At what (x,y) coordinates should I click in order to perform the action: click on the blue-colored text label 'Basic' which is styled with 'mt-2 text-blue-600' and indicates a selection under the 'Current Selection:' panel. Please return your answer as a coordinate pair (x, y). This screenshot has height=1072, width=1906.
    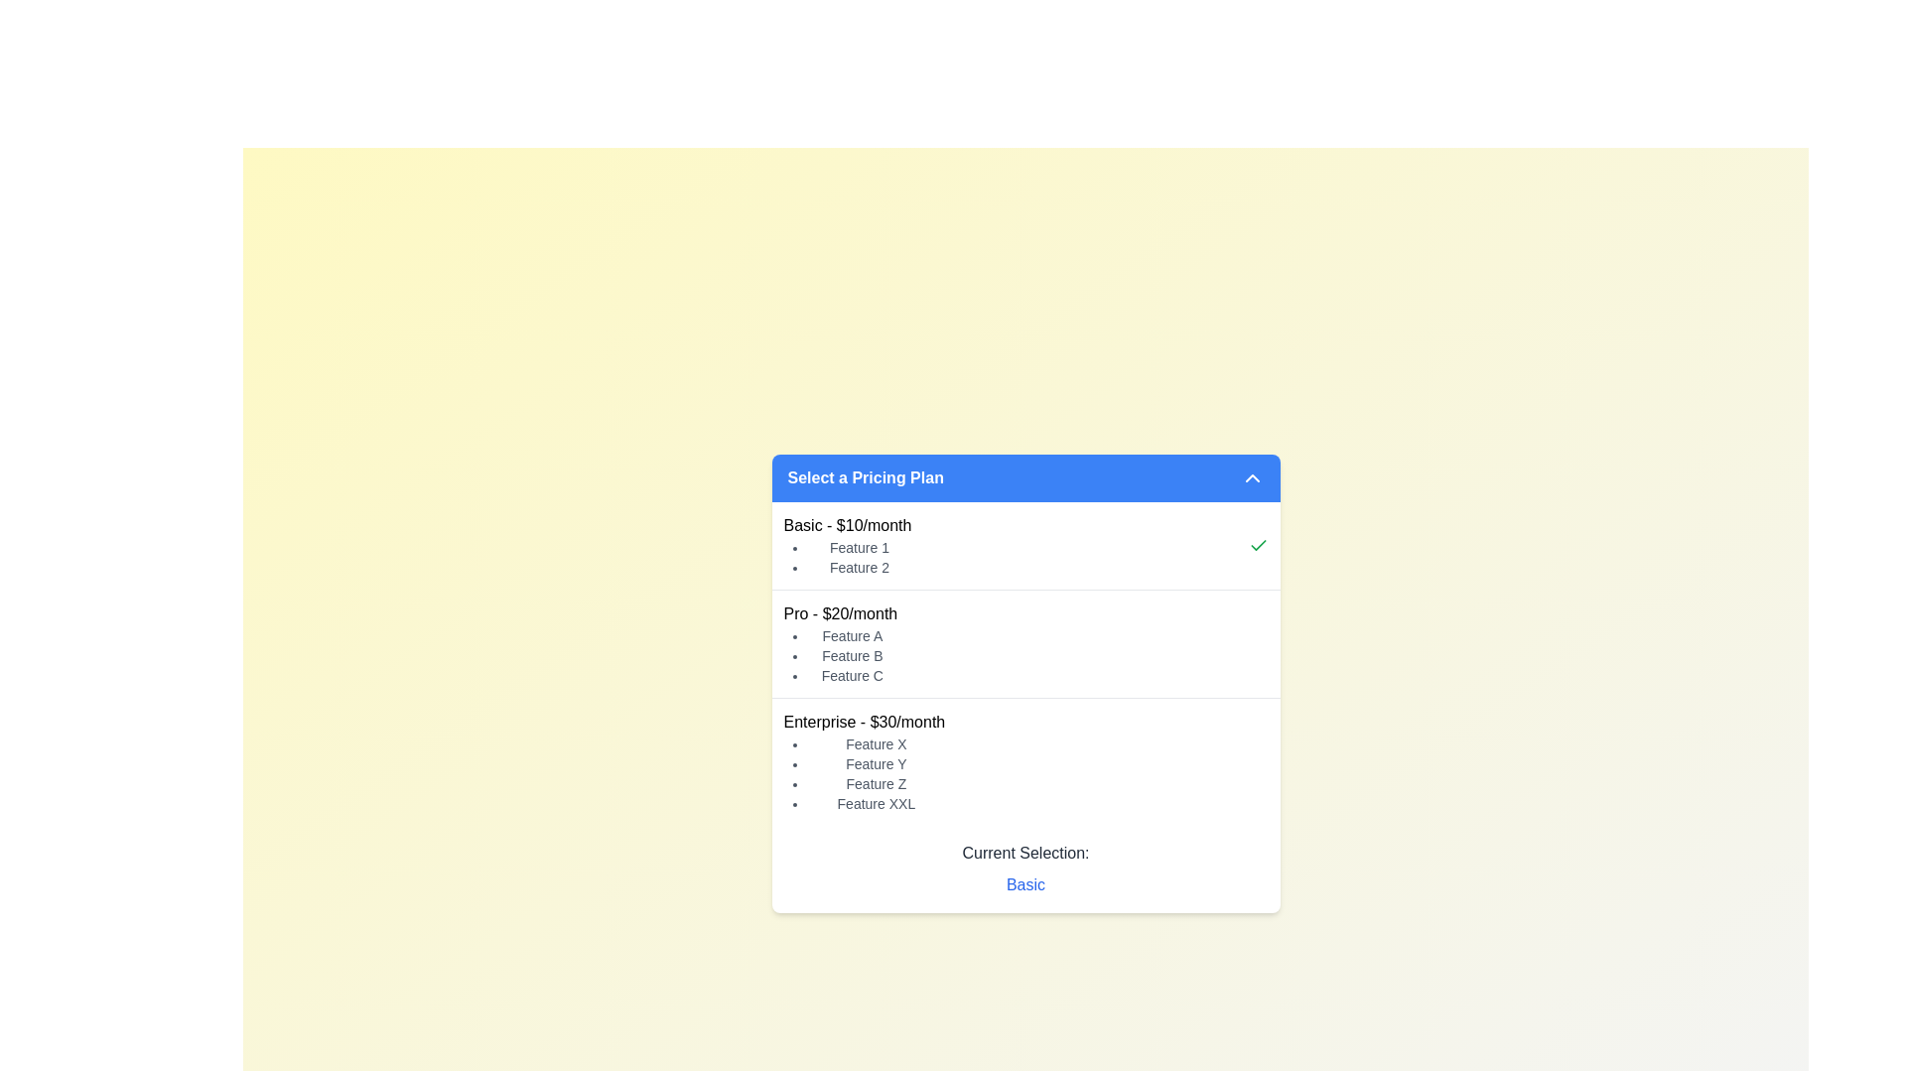
    Looking at the image, I should click on (1025, 883).